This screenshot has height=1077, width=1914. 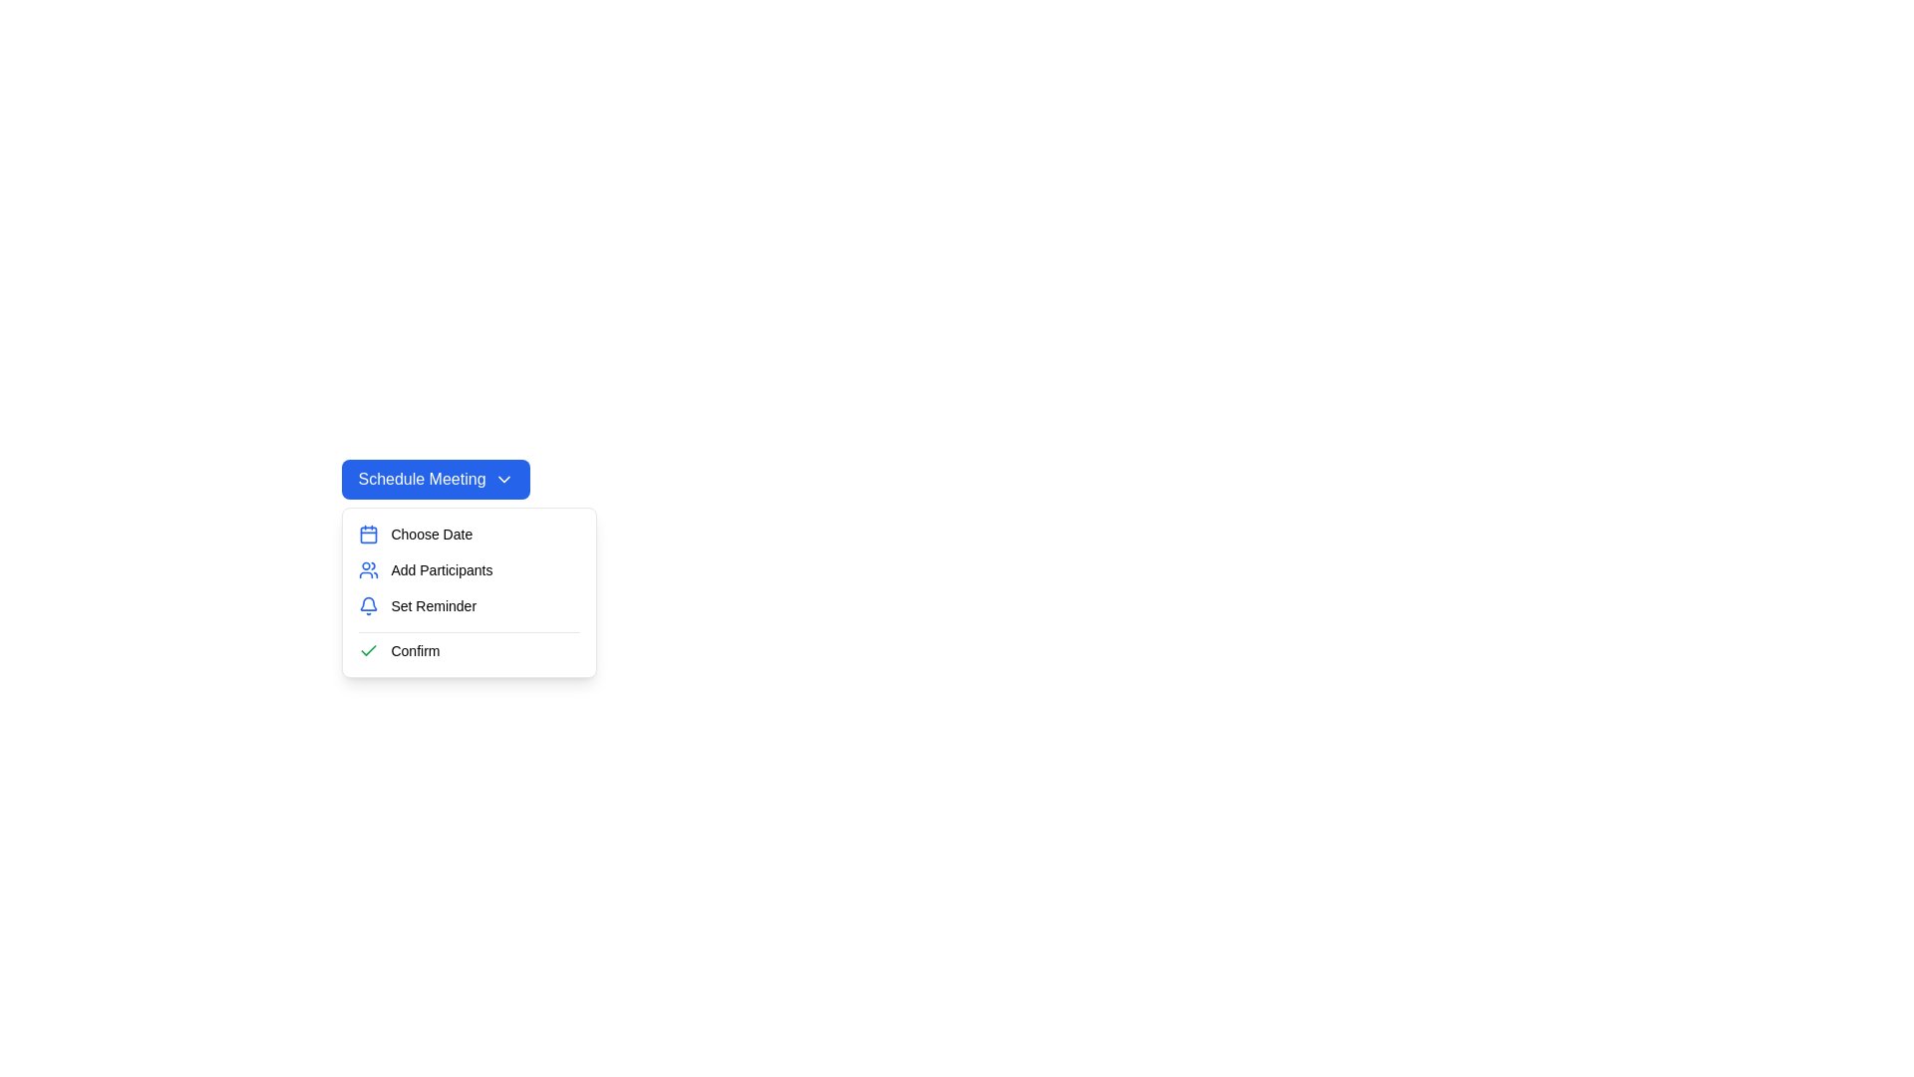 I want to click on the status of the green checkmark icon located within the 'Confirm' button area, which is the first component in a vertical list-group menu, so click(x=369, y=650).